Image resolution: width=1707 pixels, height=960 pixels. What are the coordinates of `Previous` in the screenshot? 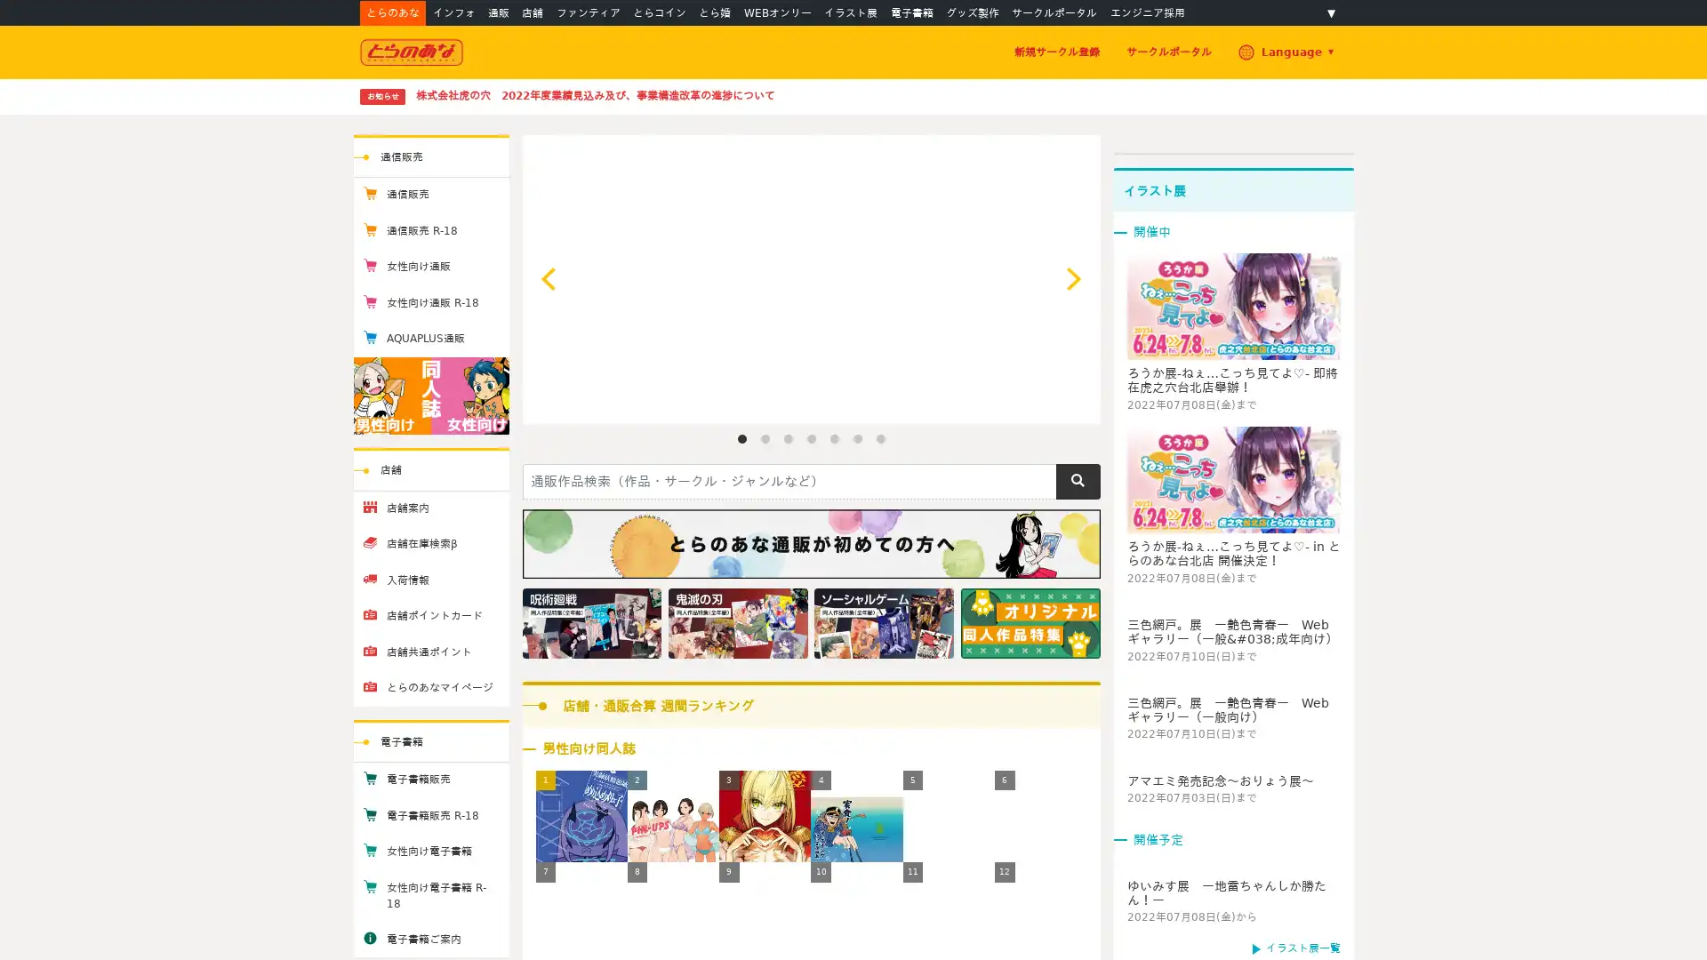 It's located at (549, 278).